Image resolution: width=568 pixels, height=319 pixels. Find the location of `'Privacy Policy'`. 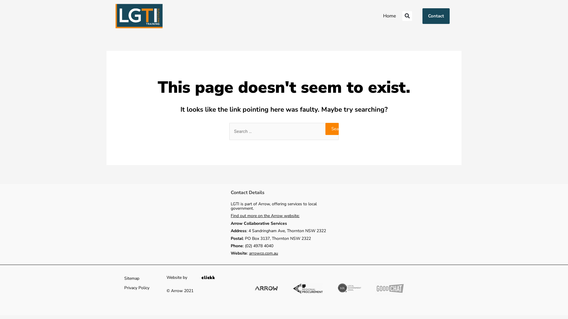

'Privacy Policy' is located at coordinates (136, 288).